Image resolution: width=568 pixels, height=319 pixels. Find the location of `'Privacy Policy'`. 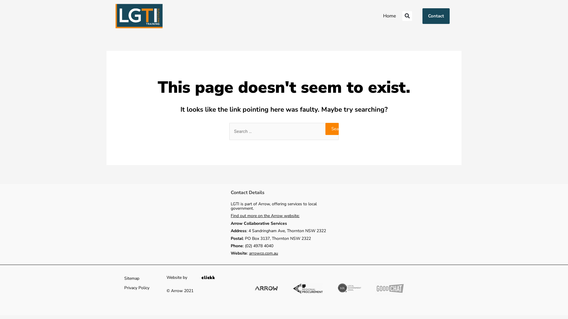

'Privacy Policy' is located at coordinates (136, 288).